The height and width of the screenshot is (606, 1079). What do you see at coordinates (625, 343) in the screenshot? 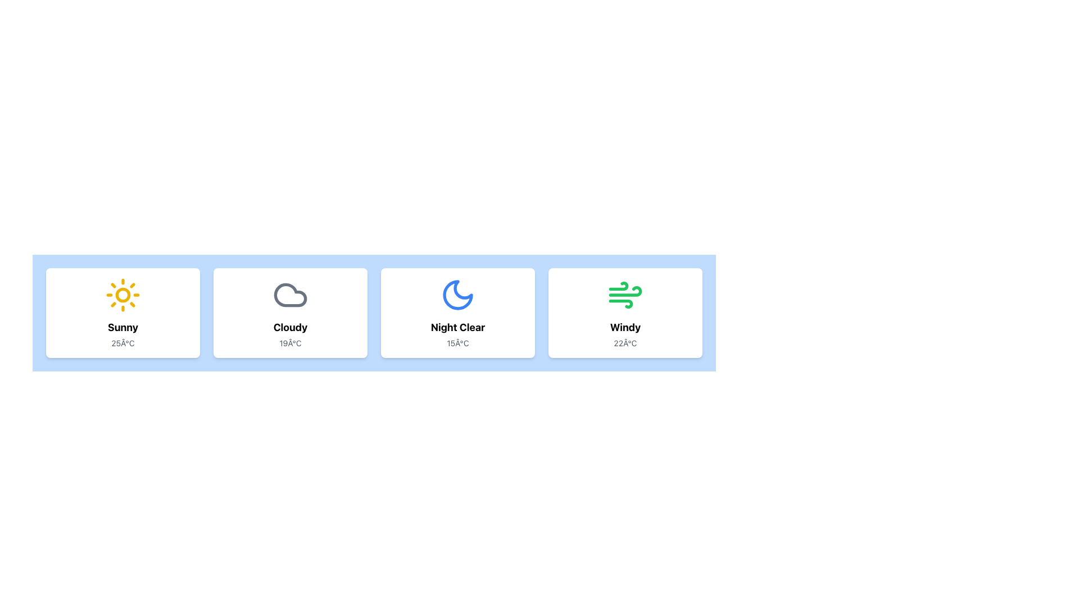
I see `the temperature display element showing '22°C' in gray text, which is located beneath the 'Windy' label within the card` at bounding box center [625, 343].